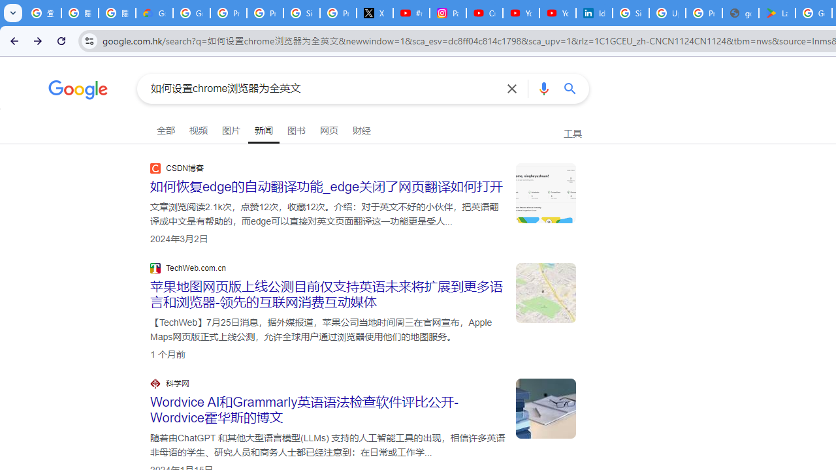 The image size is (836, 470). Describe the element at coordinates (410, 13) in the screenshot. I see `'#nbabasketballhighlights - YouTube'` at that location.